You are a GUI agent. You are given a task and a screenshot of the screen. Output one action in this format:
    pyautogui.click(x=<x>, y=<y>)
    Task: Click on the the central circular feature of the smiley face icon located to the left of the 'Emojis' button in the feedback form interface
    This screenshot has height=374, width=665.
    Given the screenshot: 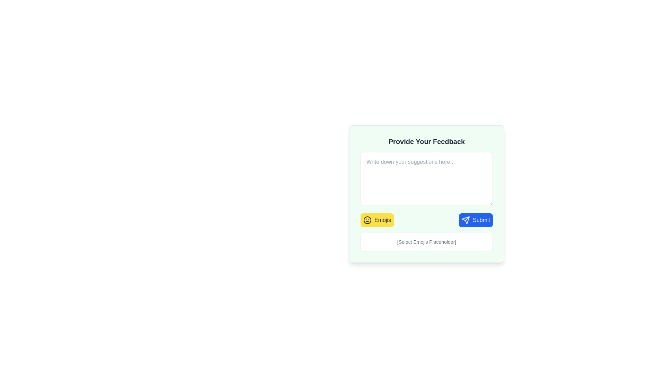 What is the action you would take?
    pyautogui.click(x=367, y=220)
    